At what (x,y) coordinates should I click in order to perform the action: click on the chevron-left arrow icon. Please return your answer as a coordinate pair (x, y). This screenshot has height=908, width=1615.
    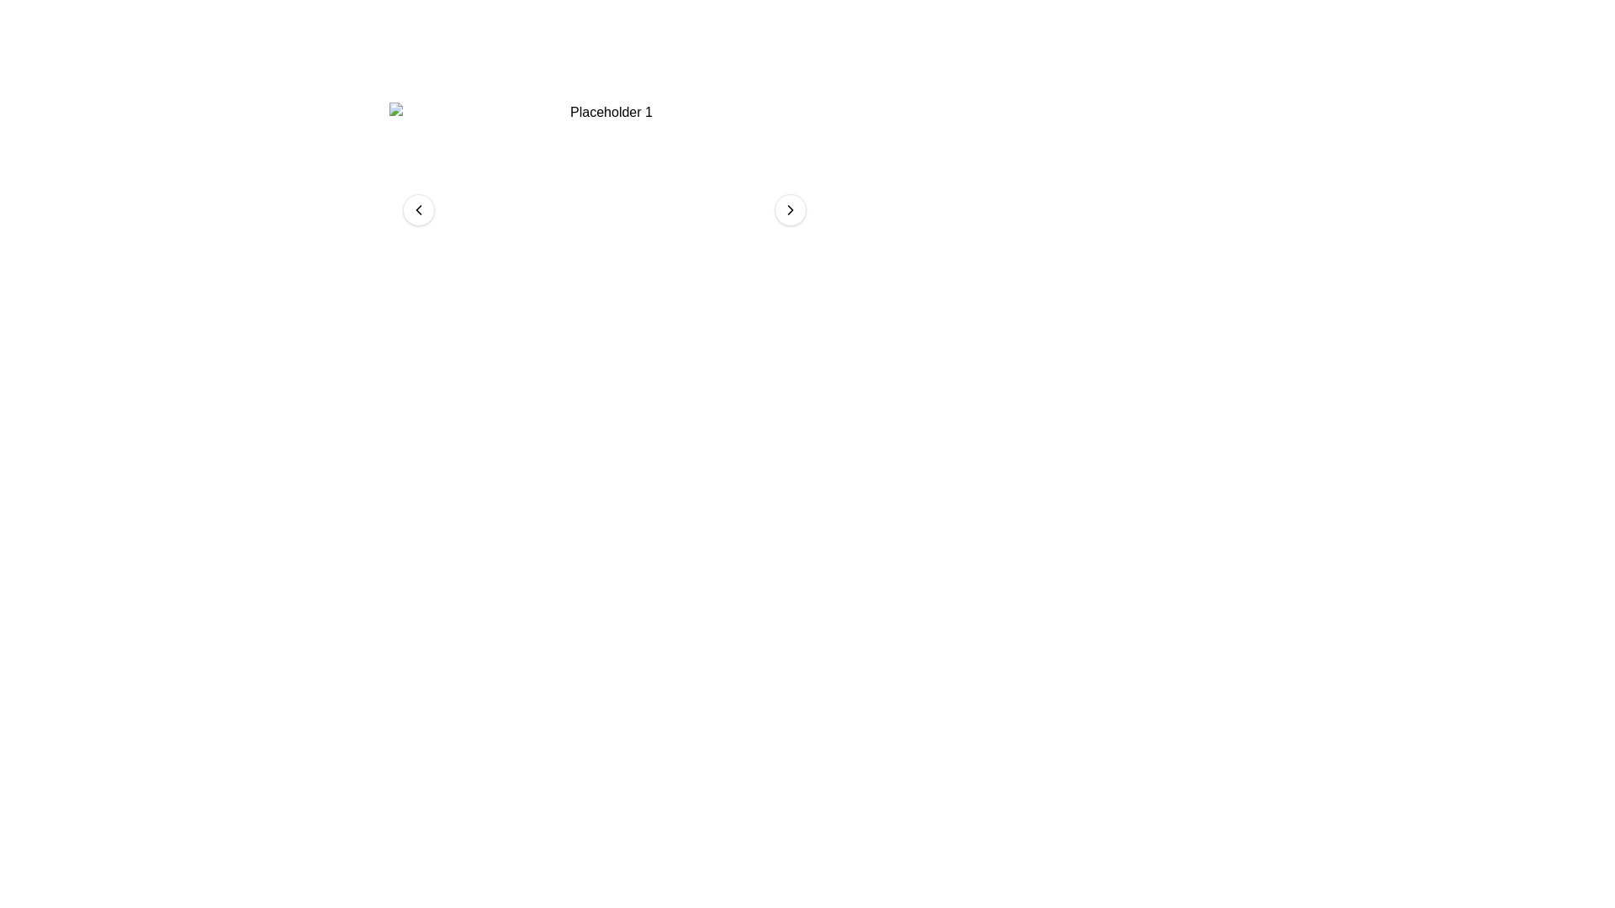
    Looking at the image, I should click on (419, 209).